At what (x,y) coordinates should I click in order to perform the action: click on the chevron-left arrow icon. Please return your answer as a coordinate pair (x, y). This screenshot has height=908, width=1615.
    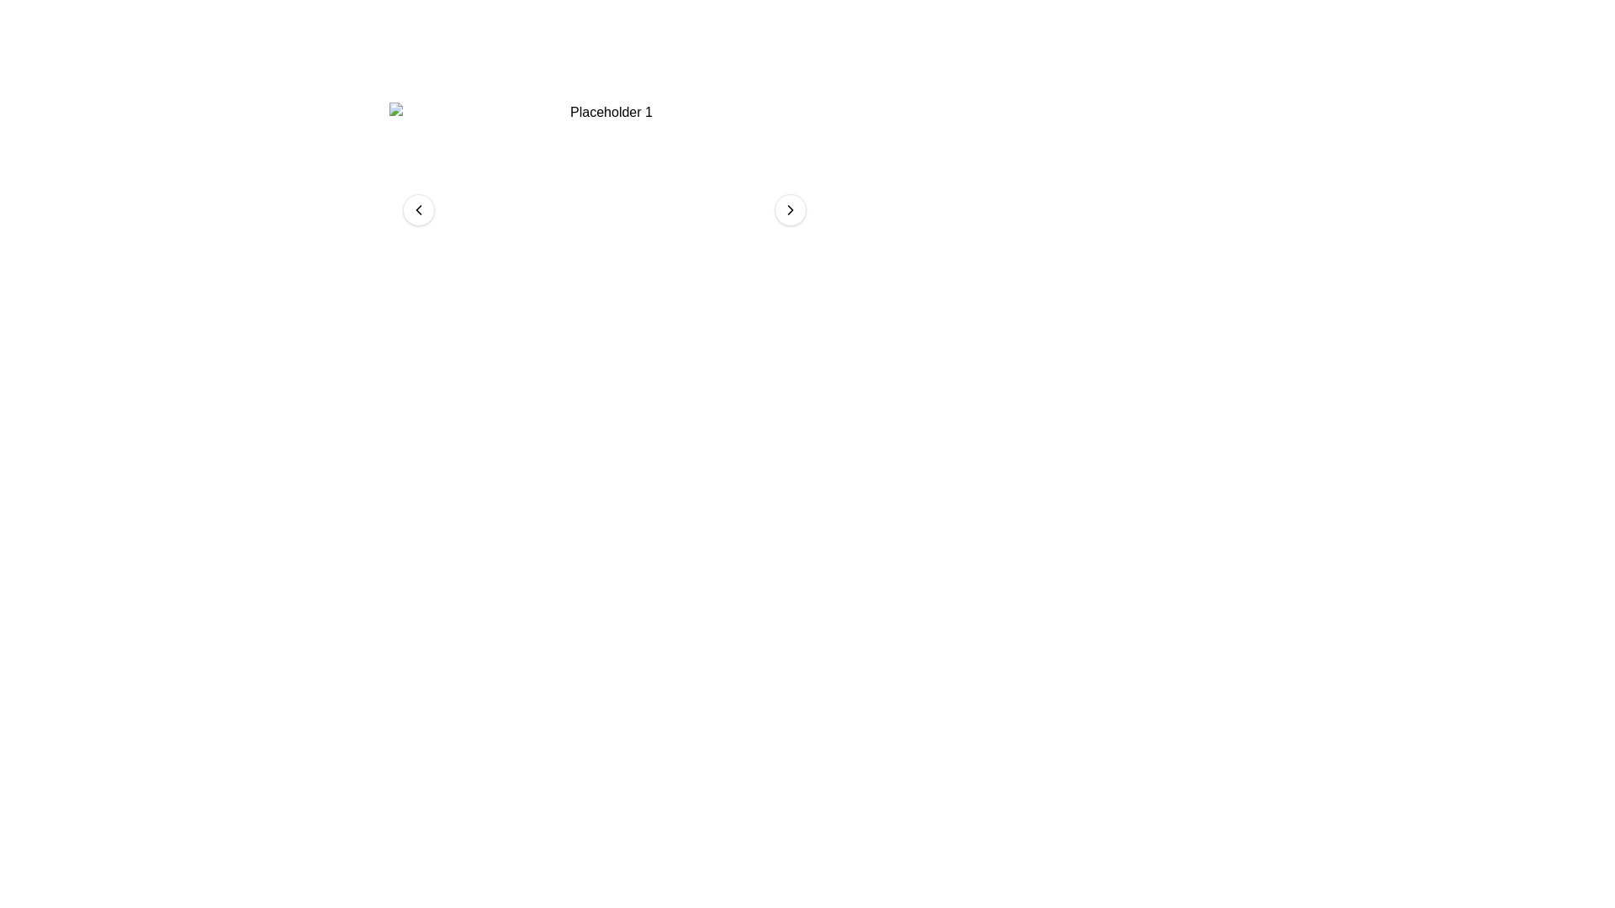
    Looking at the image, I should click on (419, 209).